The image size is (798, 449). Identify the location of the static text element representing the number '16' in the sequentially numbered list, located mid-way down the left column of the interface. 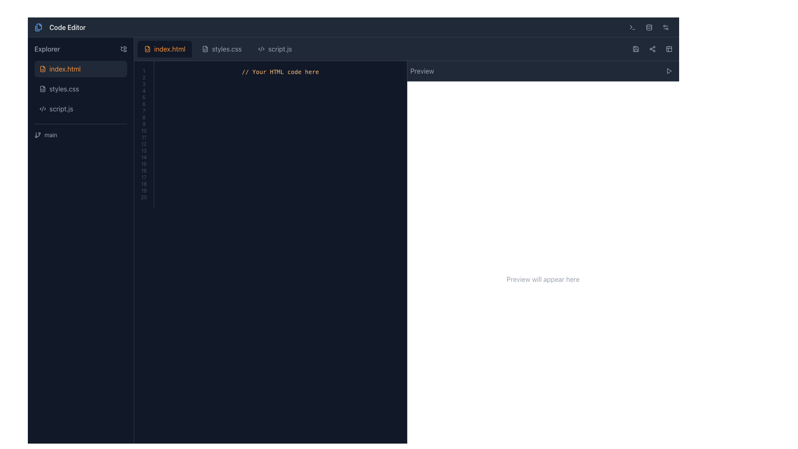
(144, 170).